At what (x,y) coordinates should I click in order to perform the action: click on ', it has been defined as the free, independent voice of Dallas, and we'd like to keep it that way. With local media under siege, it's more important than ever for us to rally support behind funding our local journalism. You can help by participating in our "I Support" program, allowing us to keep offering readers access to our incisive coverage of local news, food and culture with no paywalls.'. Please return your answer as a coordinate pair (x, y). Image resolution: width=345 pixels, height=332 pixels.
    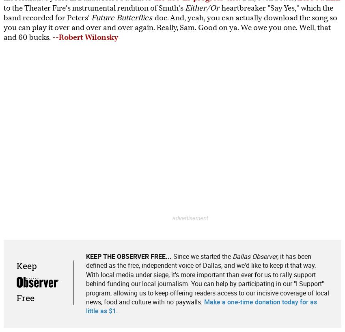
    Looking at the image, I should click on (207, 278).